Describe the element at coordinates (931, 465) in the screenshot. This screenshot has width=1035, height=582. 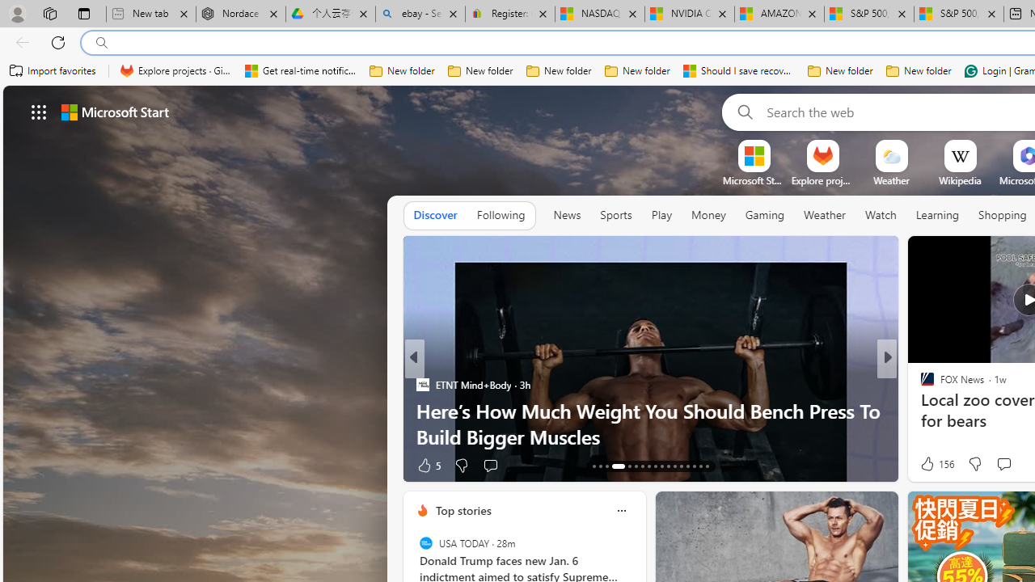
I see `'347 Like'` at that location.